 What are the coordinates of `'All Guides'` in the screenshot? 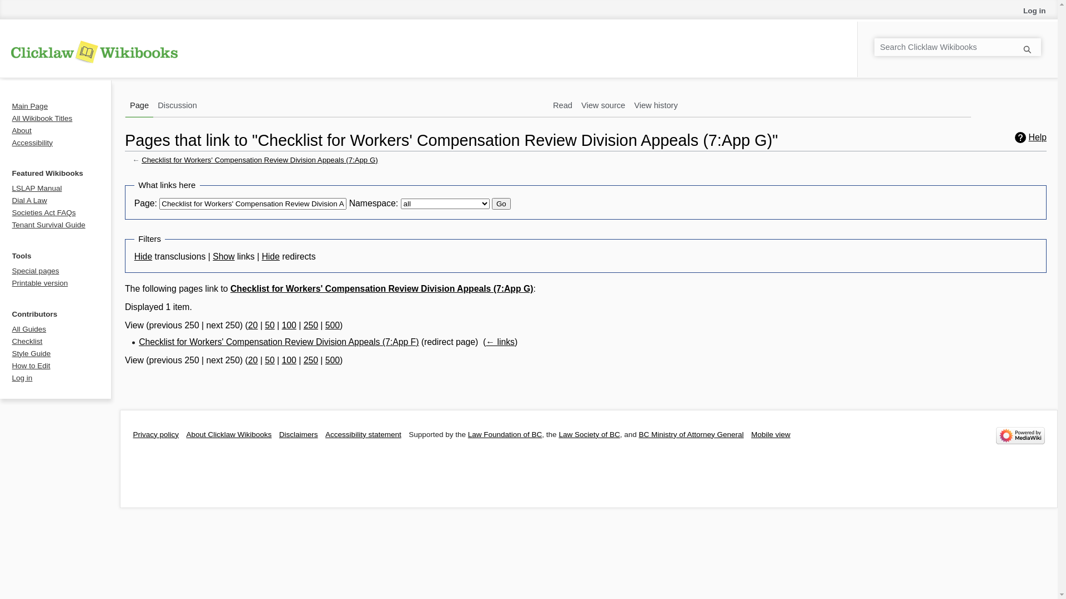 It's located at (29, 328).